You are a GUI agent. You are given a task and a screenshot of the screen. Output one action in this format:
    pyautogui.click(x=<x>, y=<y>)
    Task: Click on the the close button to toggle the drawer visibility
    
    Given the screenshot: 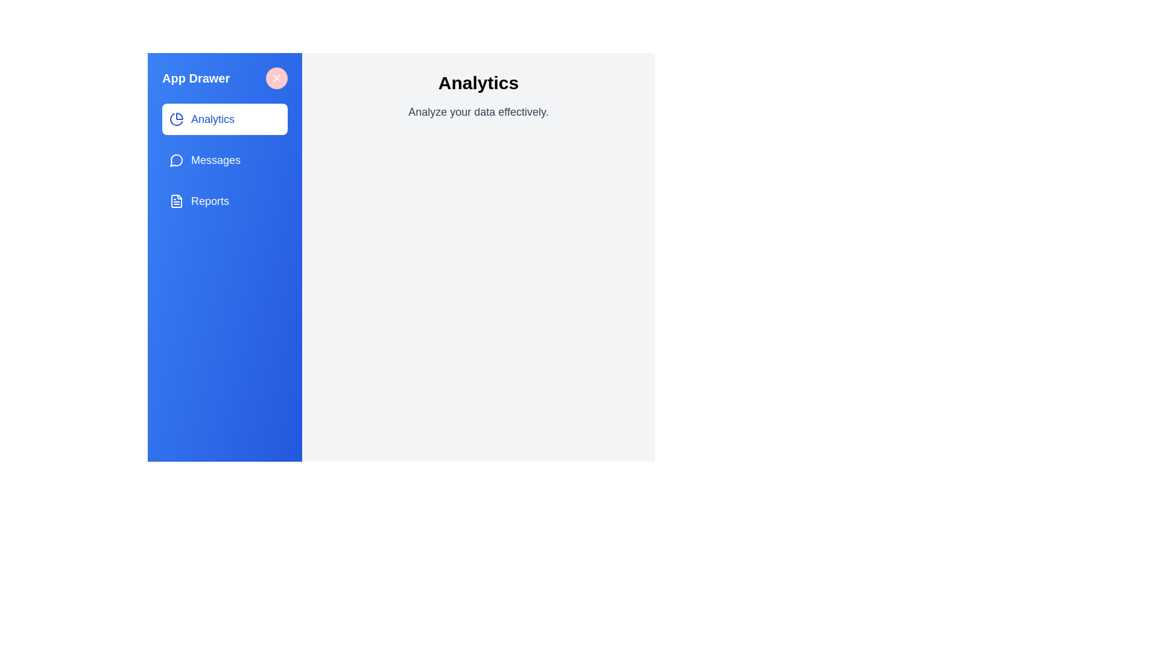 What is the action you would take?
    pyautogui.click(x=276, y=78)
    